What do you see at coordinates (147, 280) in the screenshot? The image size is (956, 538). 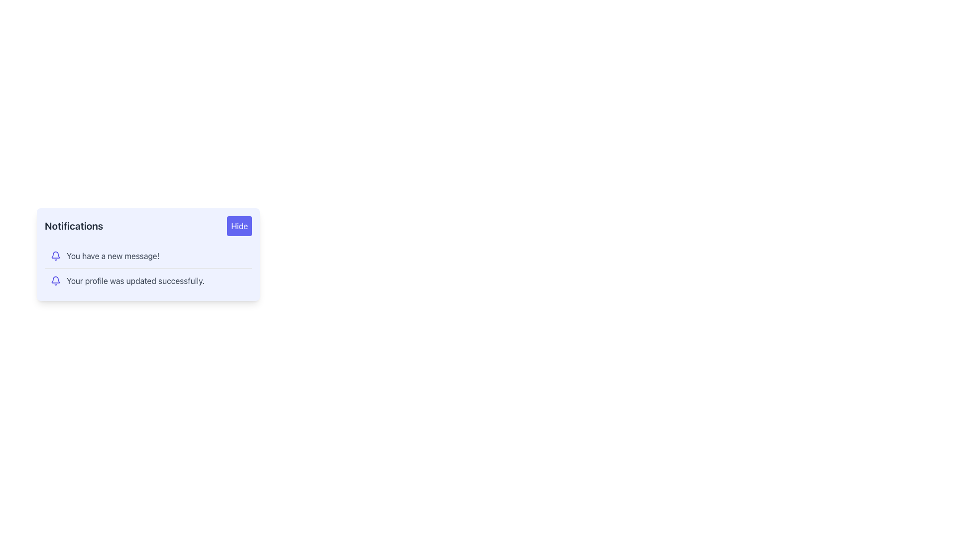 I see `the second notification message with the indigo bell icon and the text 'Your profile was updated successfully.'` at bounding box center [147, 280].